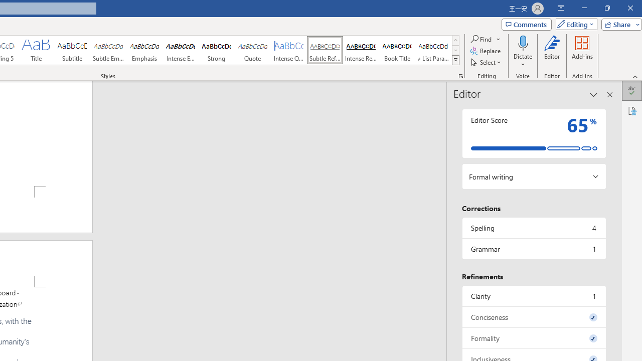 This screenshot has width=642, height=361. I want to click on 'Styles...', so click(460, 75).